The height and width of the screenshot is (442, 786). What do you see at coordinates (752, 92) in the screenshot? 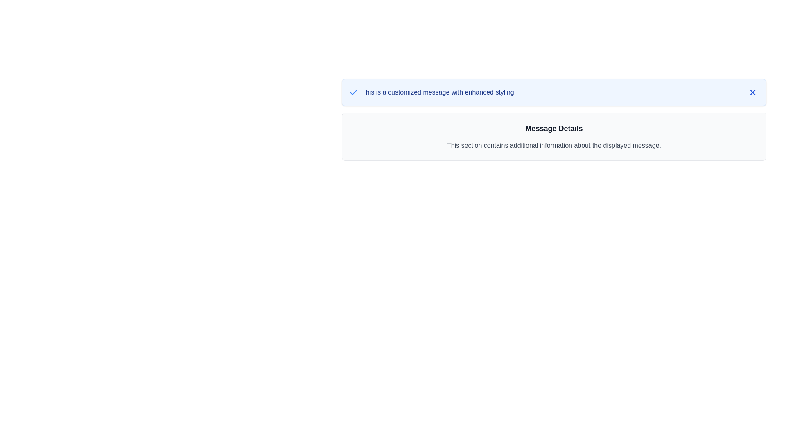
I see `the circular button with a blue 'X' icon at the top right corner of the notification message` at bounding box center [752, 92].